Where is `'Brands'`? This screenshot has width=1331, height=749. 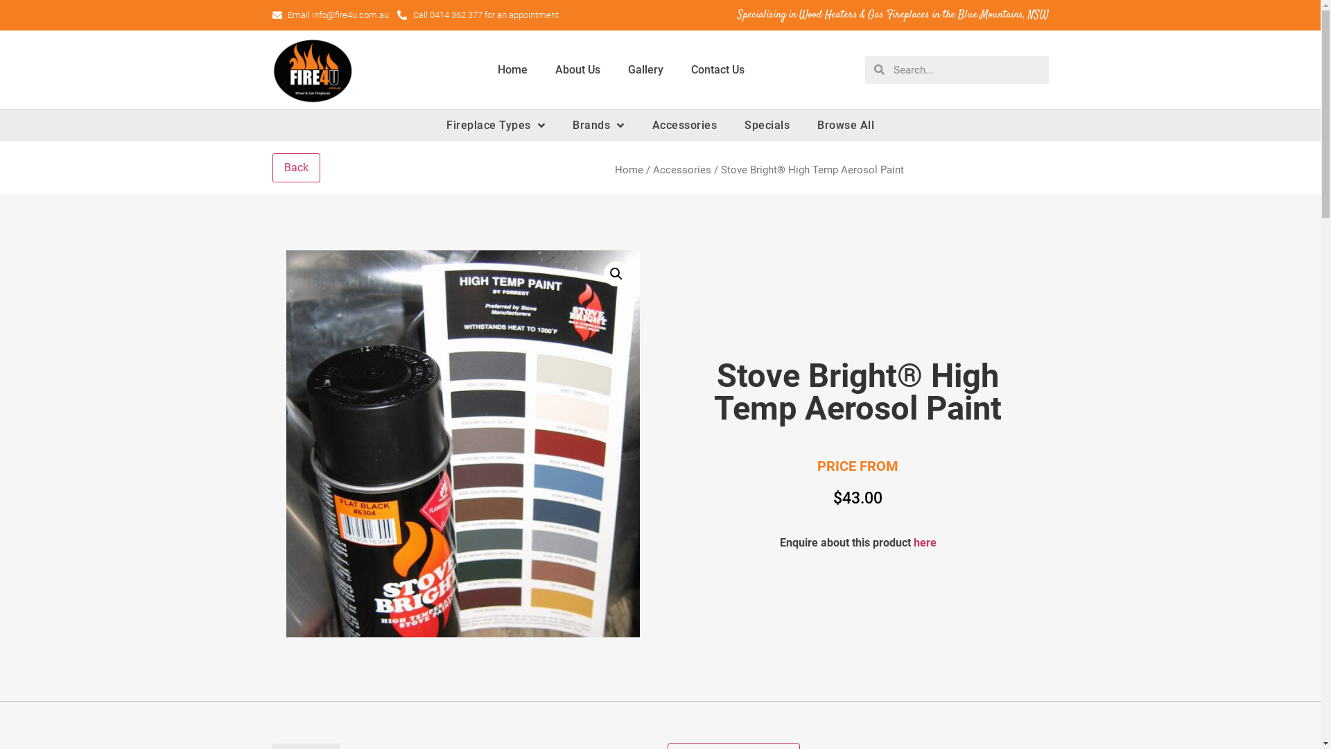
'Brands' is located at coordinates (598, 126).